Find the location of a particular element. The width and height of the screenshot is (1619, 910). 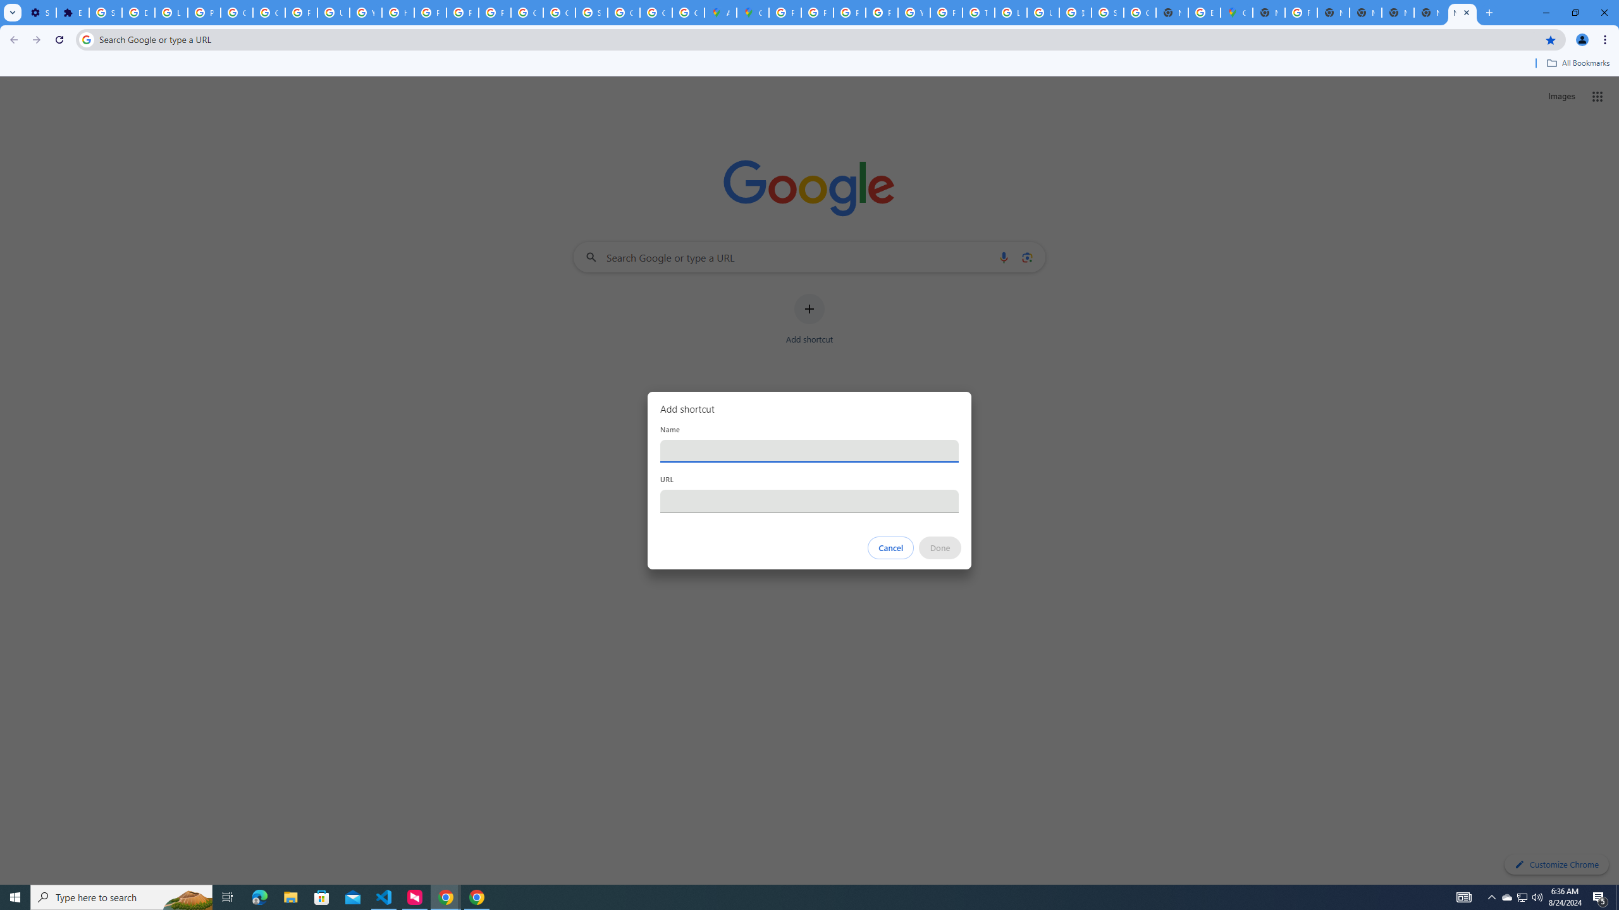

'Explore new street-level details - Google Maps Help' is located at coordinates (1203, 12).